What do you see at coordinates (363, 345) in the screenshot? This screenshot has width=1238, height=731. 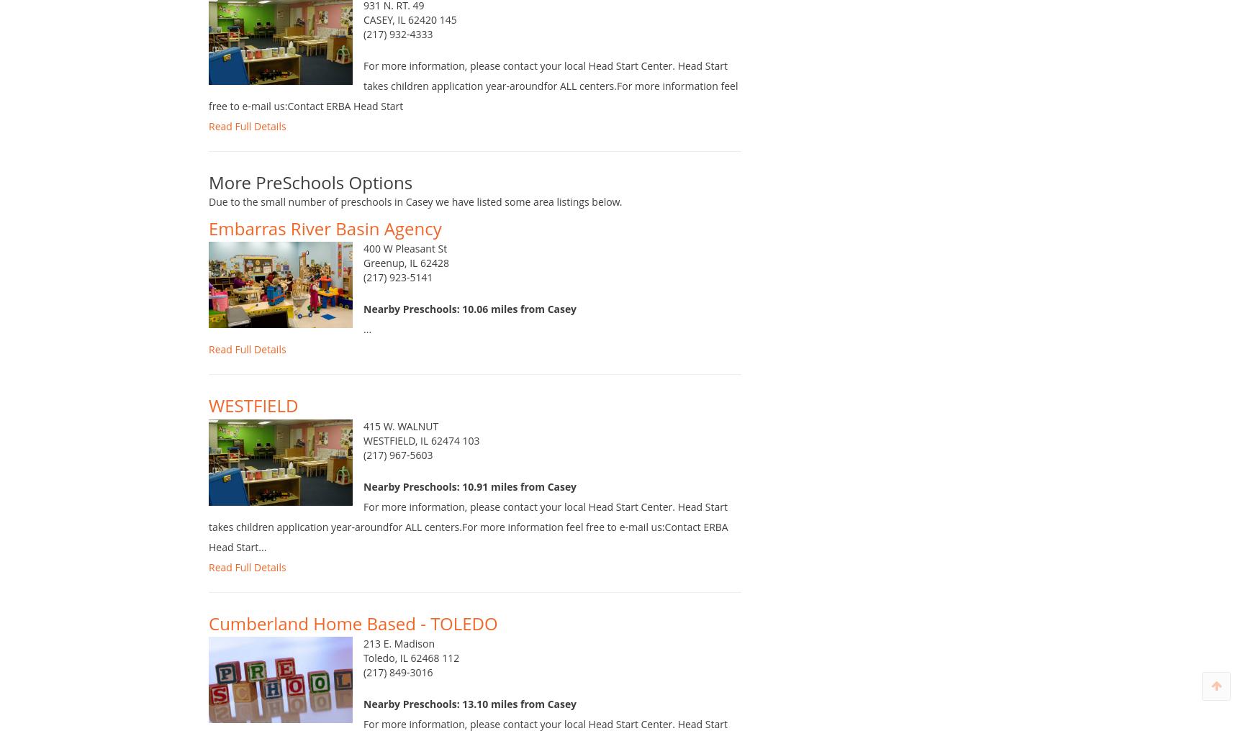 I see `'...'` at bounding box center [363, 345].